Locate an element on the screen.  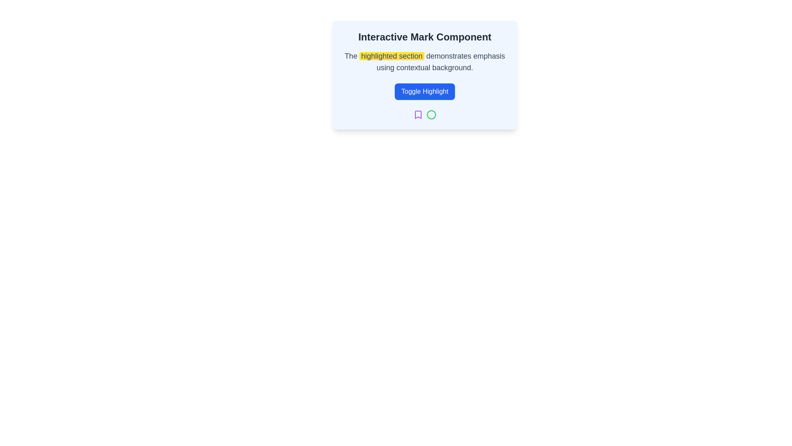
the 'Toggle Highlight' button, which is a rectangular button with a blue background and white text is located at coordinates (425, 92).